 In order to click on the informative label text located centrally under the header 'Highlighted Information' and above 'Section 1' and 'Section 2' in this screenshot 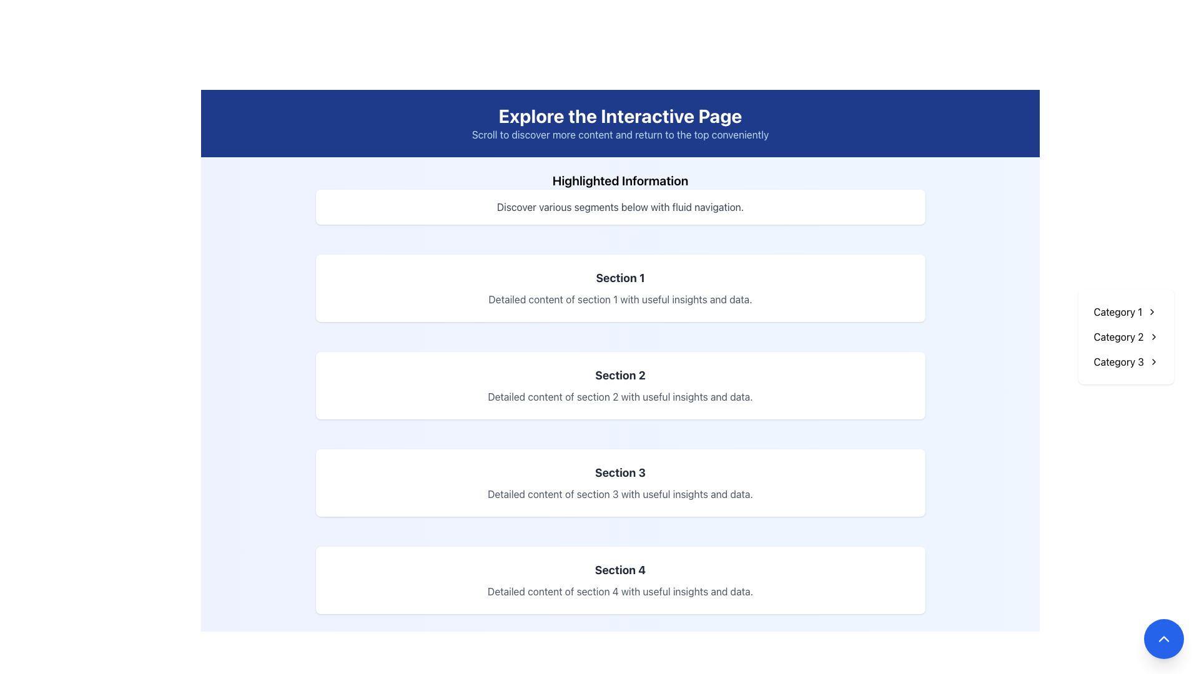, I will do `click(620, 206)`.